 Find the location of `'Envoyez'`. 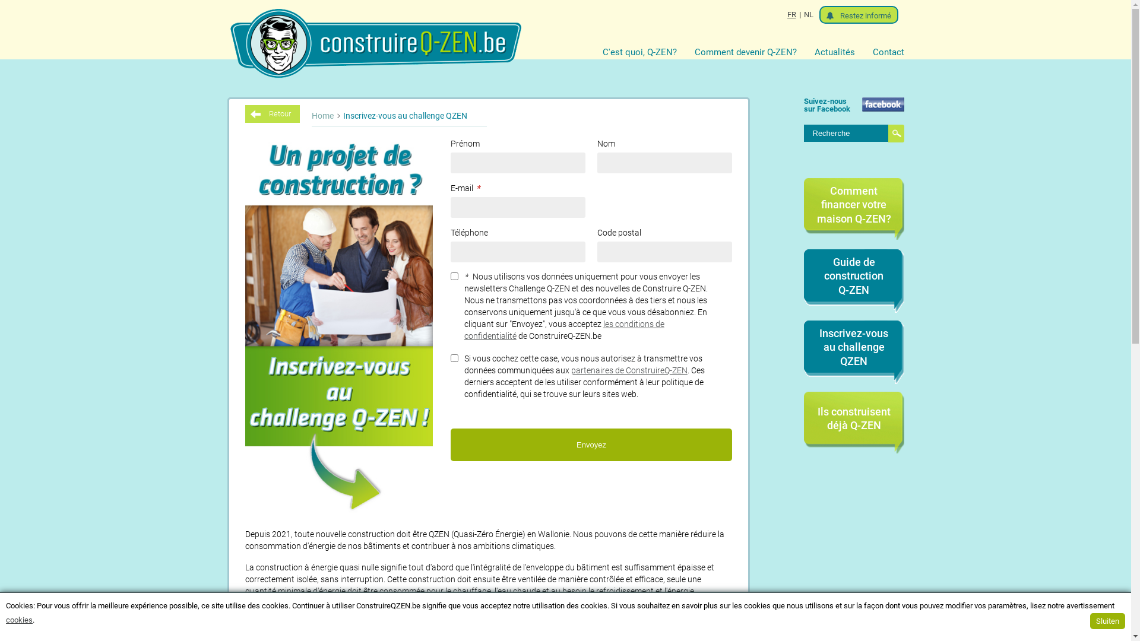

'Envoyez' is located at coordinates (591, 445).